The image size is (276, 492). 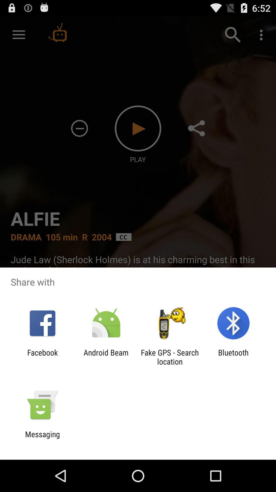 What do you see at coordinates (42, 438) in the screenshot?
I see `messaging` at bounding box center [42, 438].